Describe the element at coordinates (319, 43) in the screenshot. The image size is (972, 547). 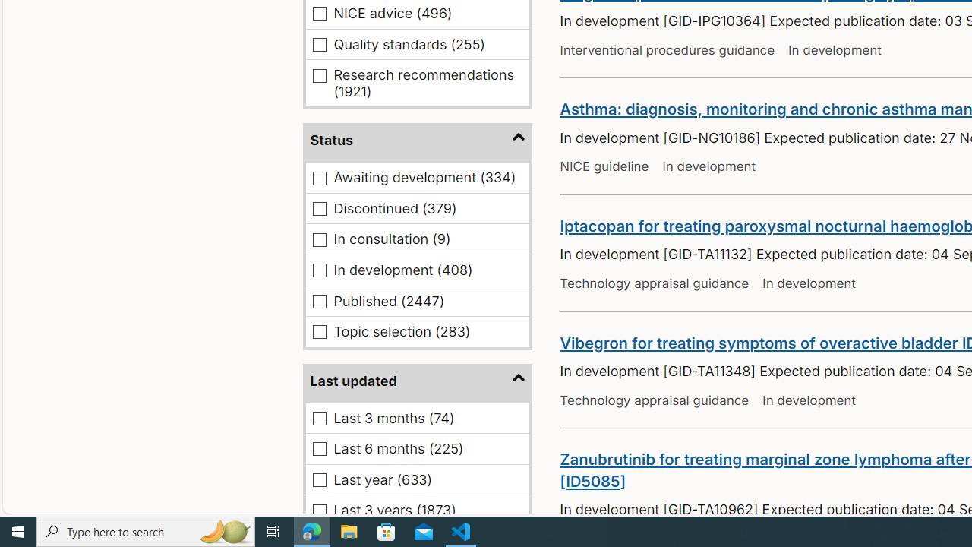
I see `'Quality standards (255)'` at that location.